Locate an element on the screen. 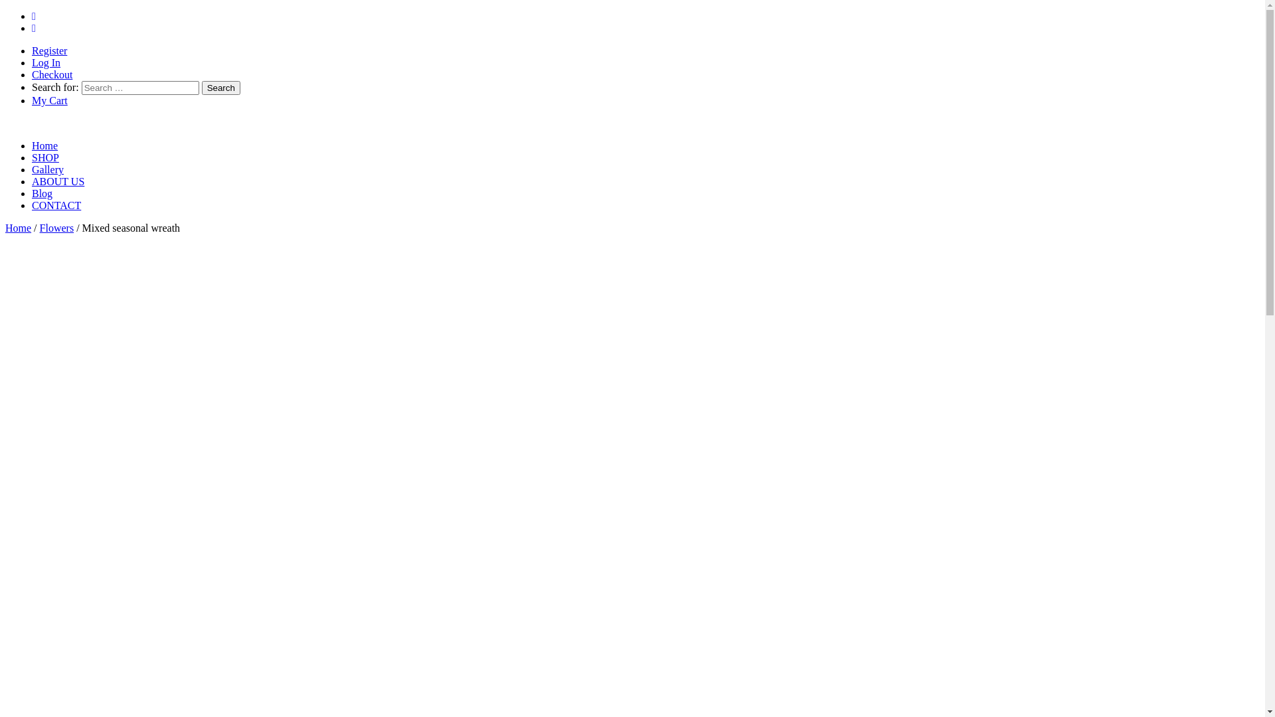  'Log In' is located at coordinates (46, 62).